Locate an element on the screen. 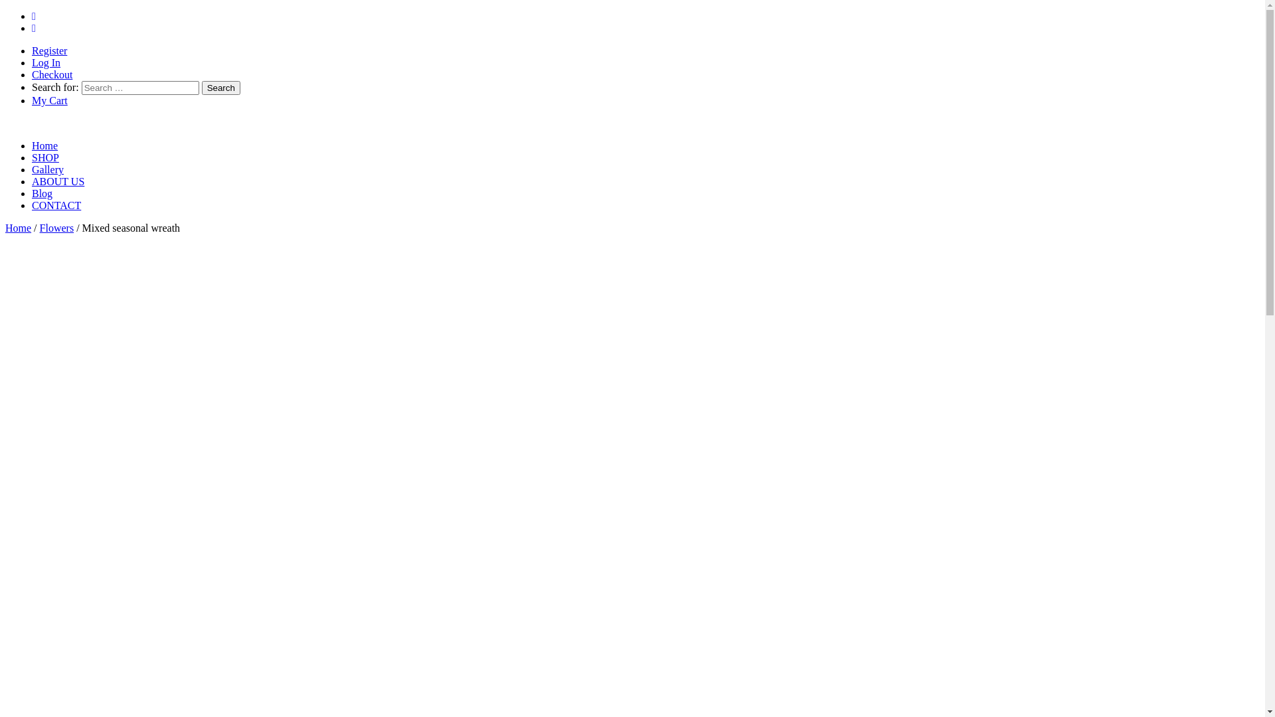  'Log In' is located at coordinates (46, 62).